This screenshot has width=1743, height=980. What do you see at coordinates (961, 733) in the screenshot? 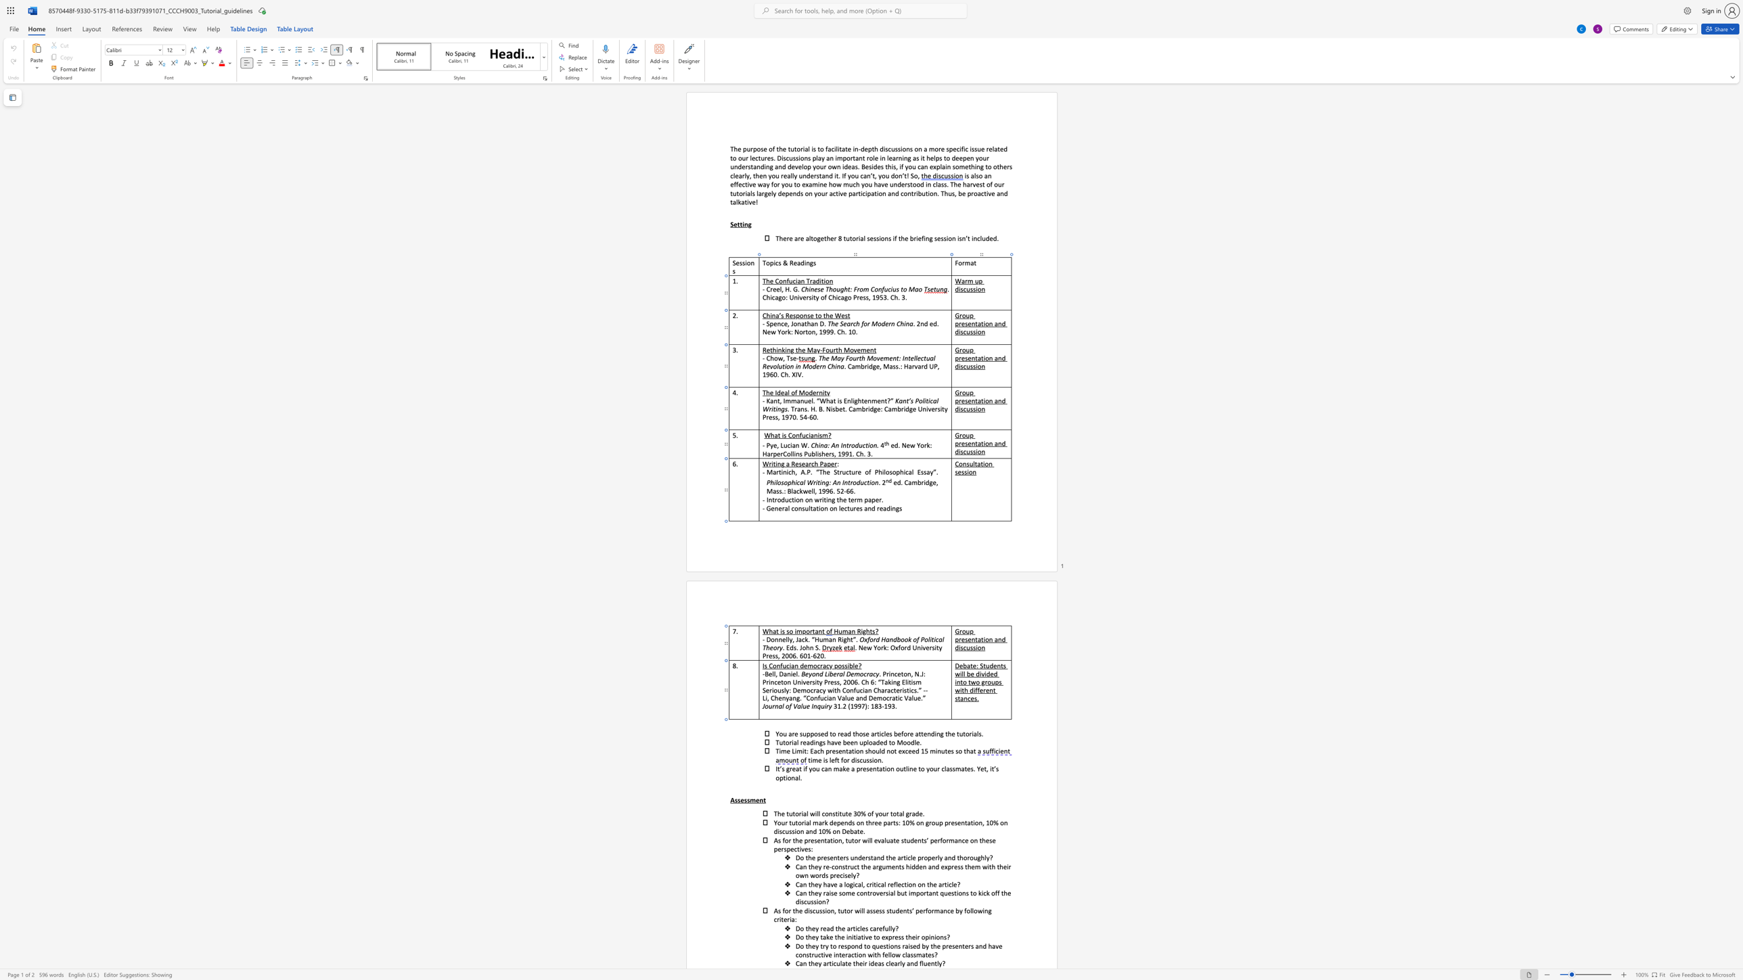
I see `the 3th character "u" in the text` at bounding box center [961, 733].